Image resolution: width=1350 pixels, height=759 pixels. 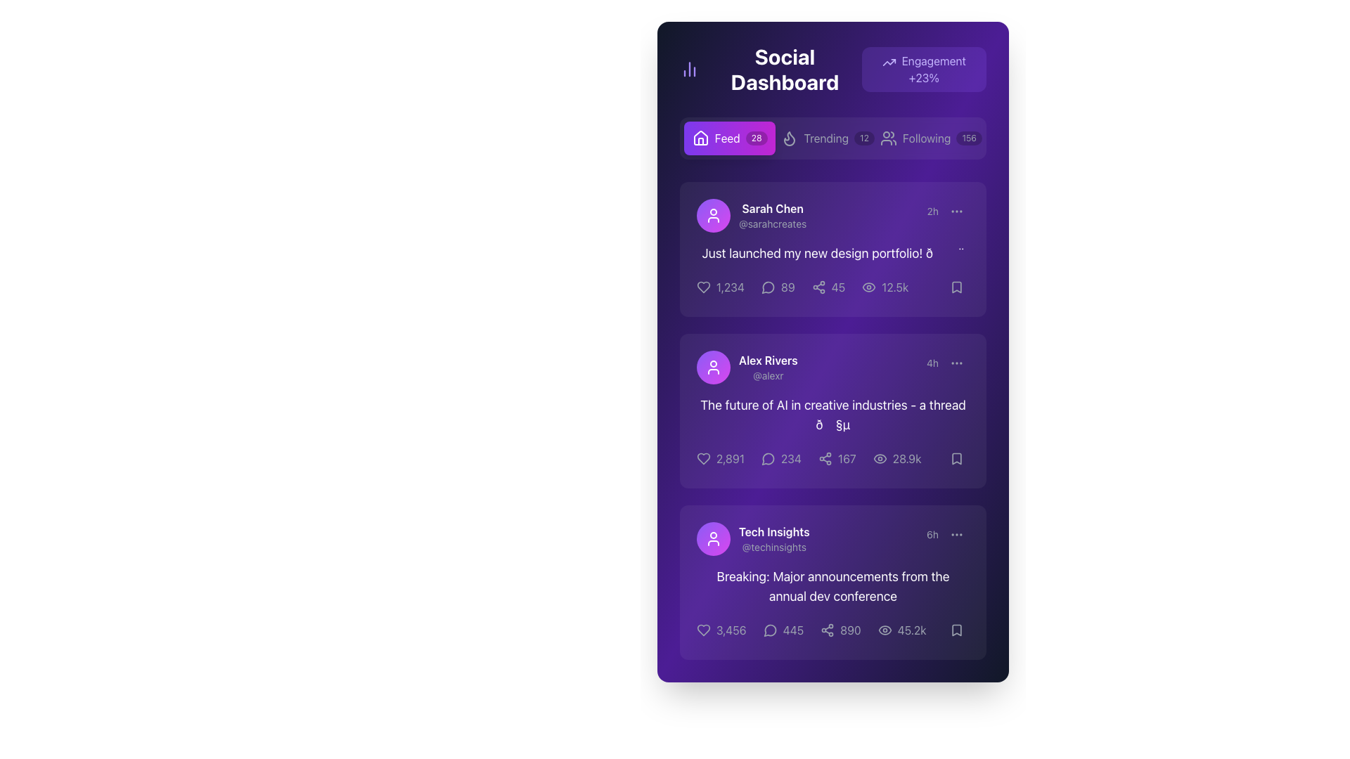 What do you see at coordinates (811, 630) in the screenshot?
I see `the fourth interactive button with a counter, located centrally at the bottom of the card` at bounding box center [811, 630].